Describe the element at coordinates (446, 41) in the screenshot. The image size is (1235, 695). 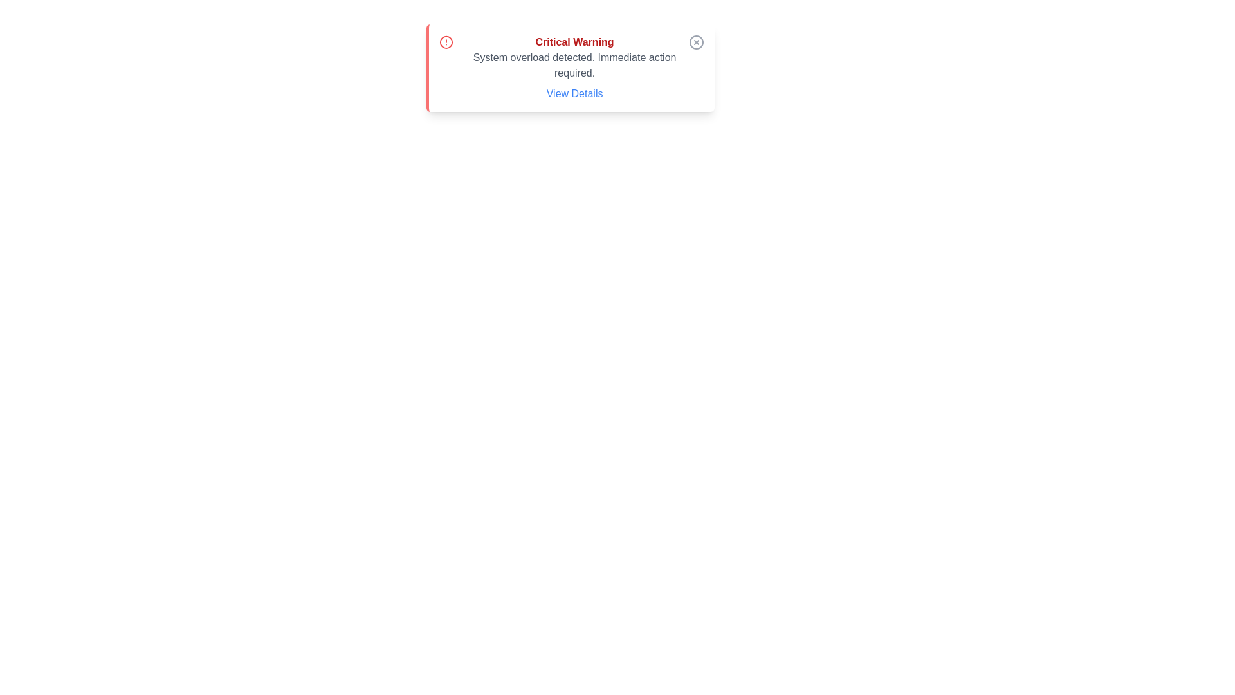
I see `the graphic circle, which is part of a warning icon located to the left of the warning message box, indicating an alert or critical status` at that location.